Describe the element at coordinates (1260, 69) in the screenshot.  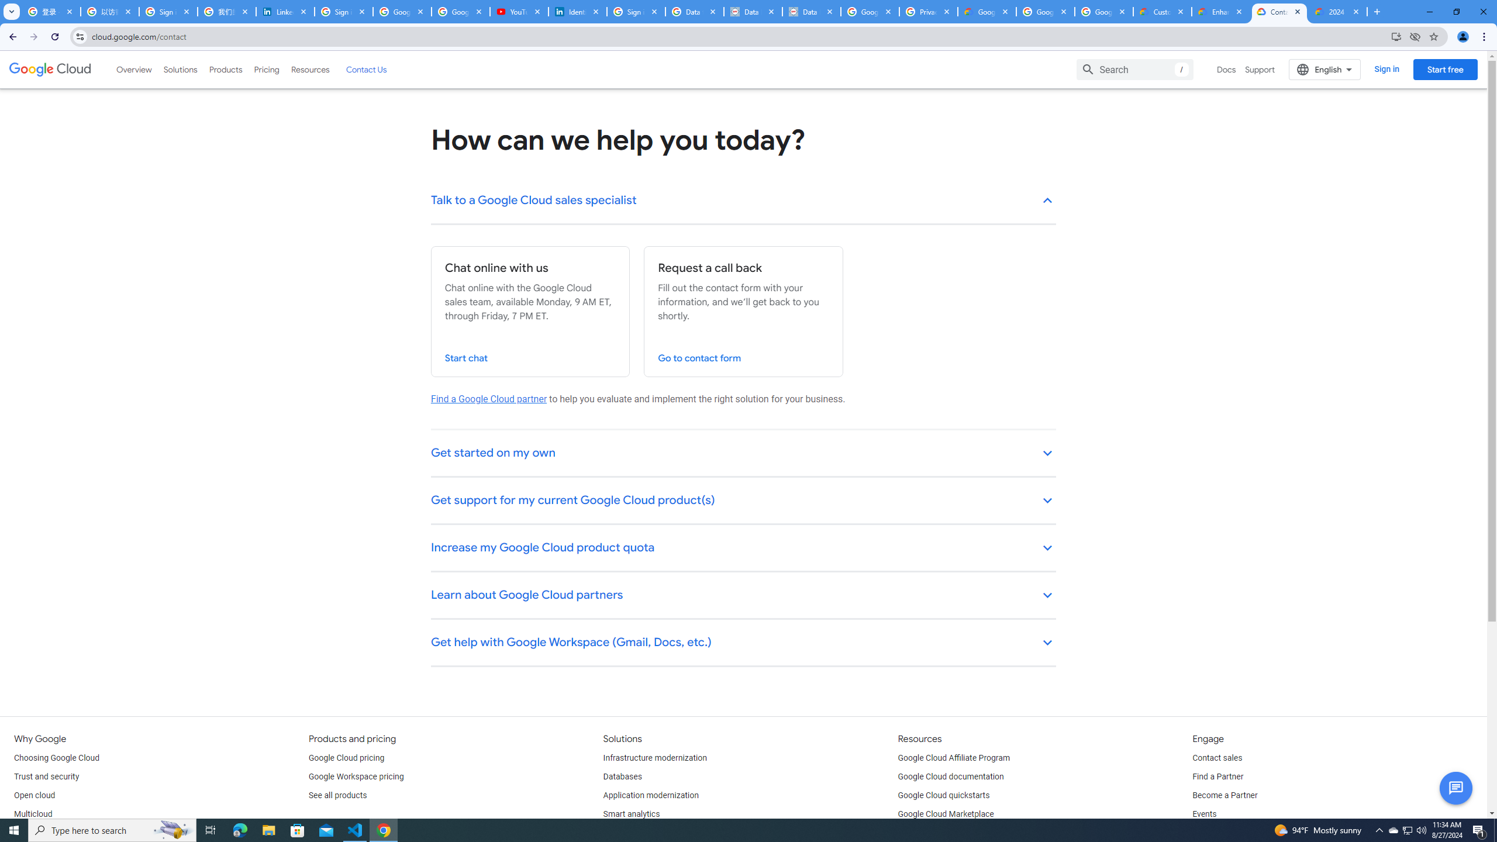
I see `'Support'` at that location.